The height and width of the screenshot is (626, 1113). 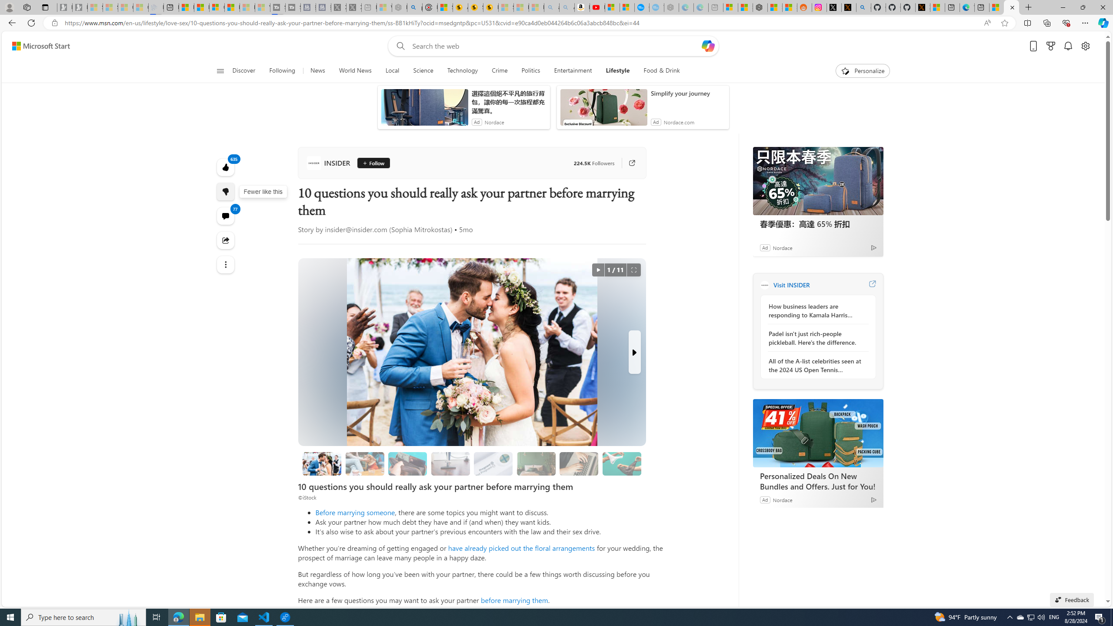 What do you see at coordinates (1066, 22) in the screenshot?
I see `'Browser essentials'` at bounding box center [1066, 22].